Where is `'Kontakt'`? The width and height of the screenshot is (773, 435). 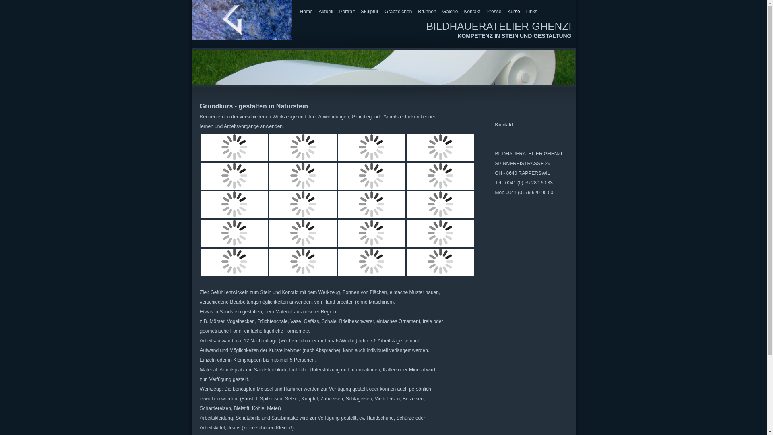 'Kontakt' is located at coordinates (464, 12).